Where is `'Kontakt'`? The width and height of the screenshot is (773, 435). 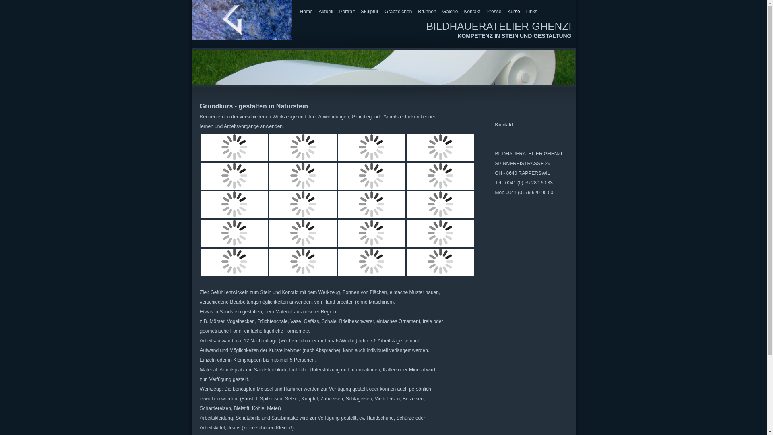 'Kontakt' is located at coordinates (464, 12).